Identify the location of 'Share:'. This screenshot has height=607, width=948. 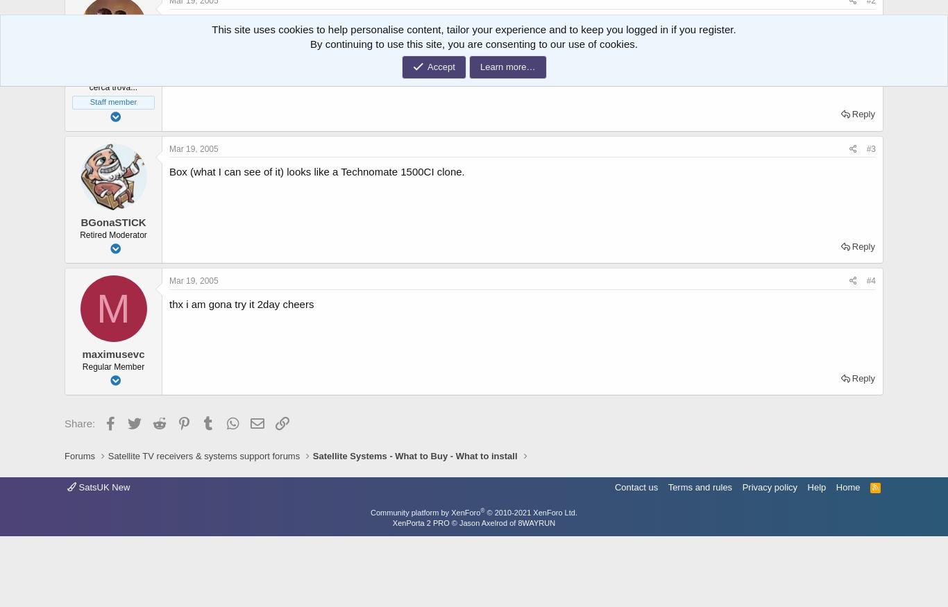
(79, 423).